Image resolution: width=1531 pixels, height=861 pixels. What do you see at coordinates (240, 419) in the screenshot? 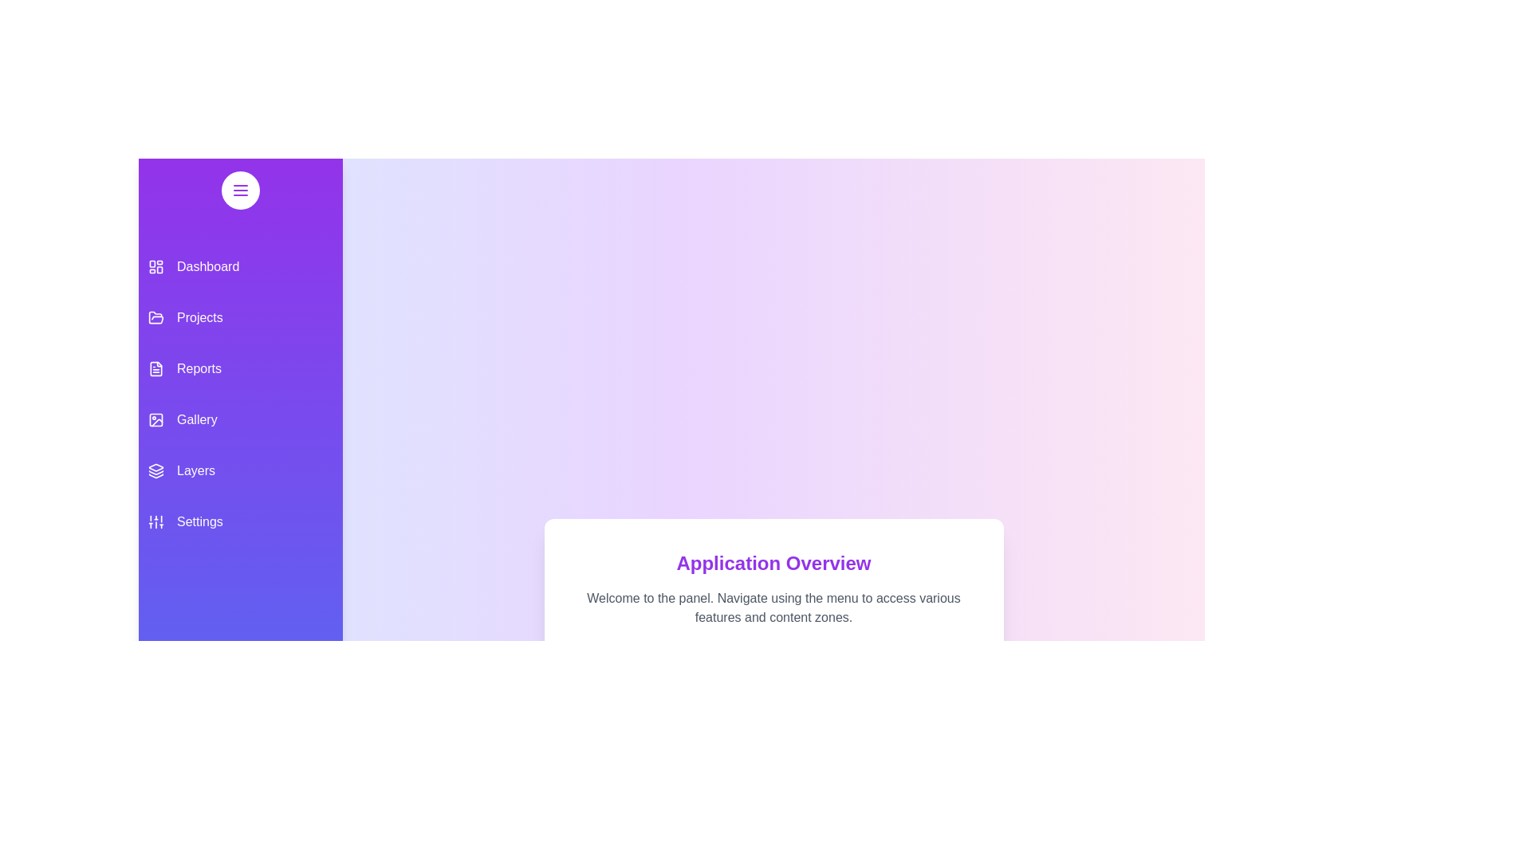
I see `the menu item Gallery from the drawer to navigate to its respective section` at bounding box center [240, 419].